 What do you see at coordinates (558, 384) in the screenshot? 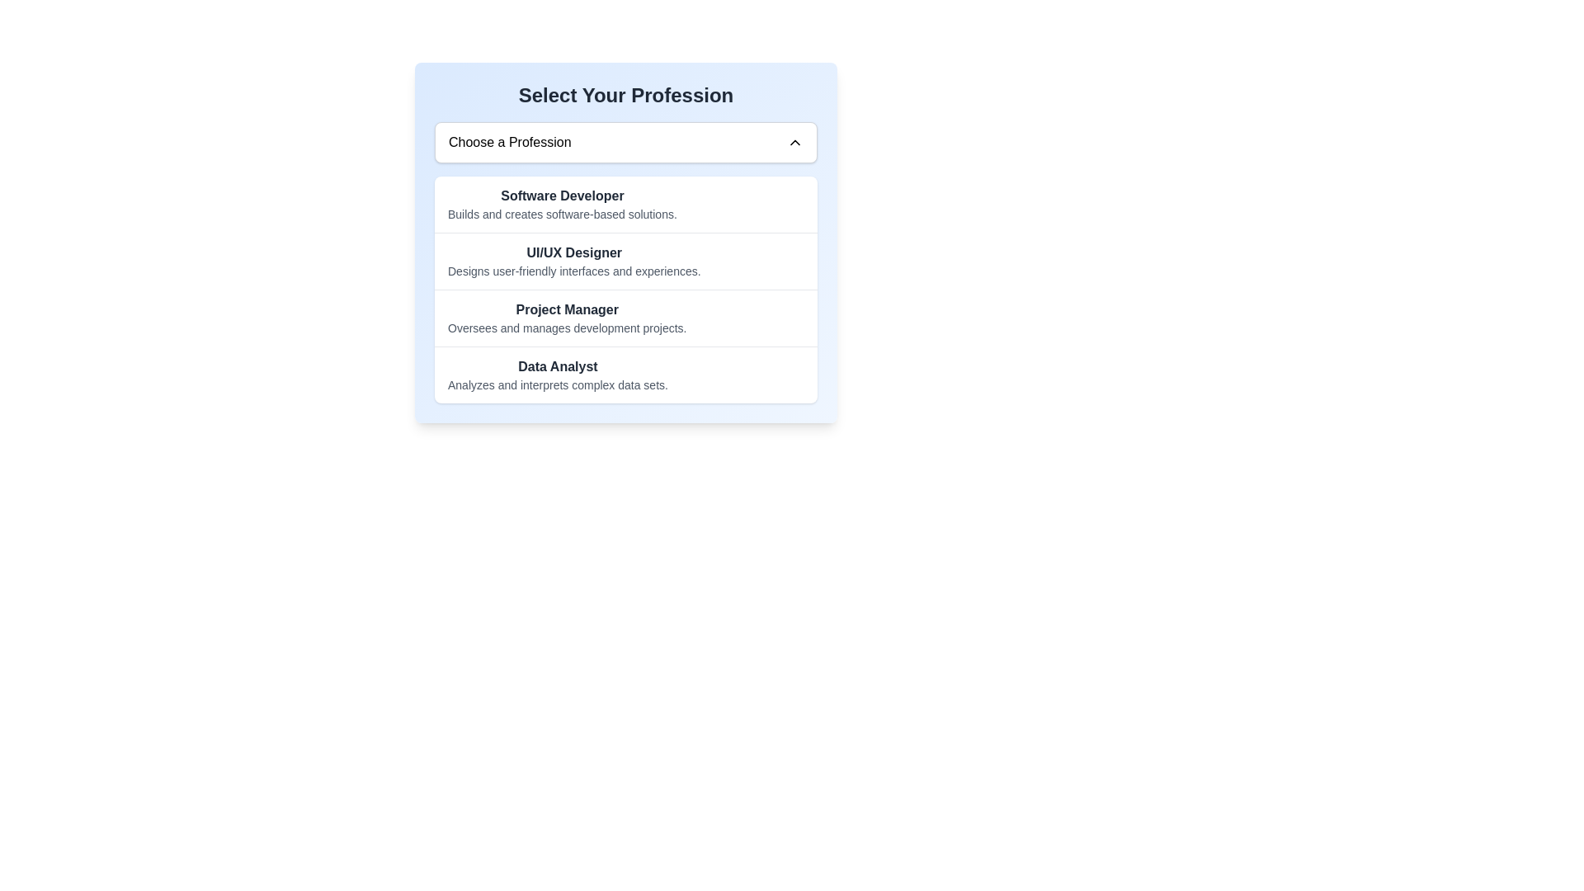
I see `the text label displaying 'Analyzes and interprets complex data sets.' which is located below the 'Data Analyst' title in a list of professions` at bounding box center [558, 384].